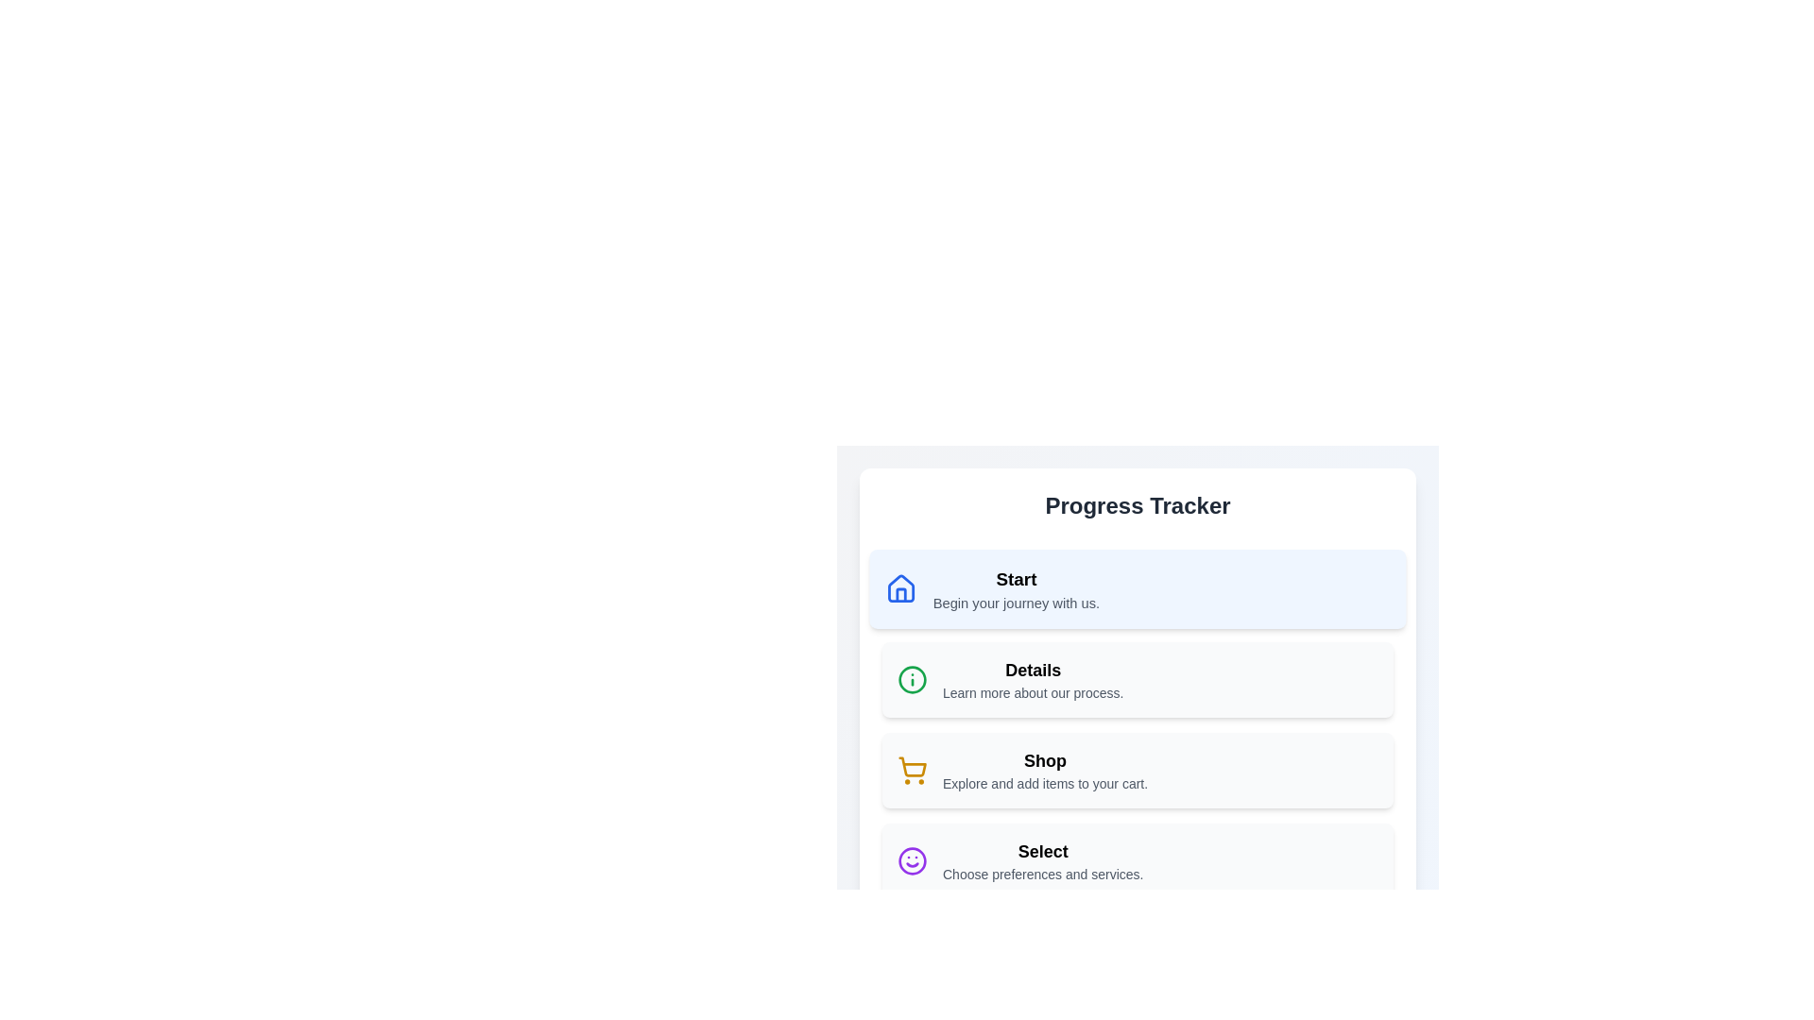 This screenshot has height=1020, width=1814. What do you see at coordinates (1044, 771) in the screenshot?
I see `static informational text block titled 'Shop' that provides guidance for users to explore and add items to their cart` at bounding box center [1044, 771].